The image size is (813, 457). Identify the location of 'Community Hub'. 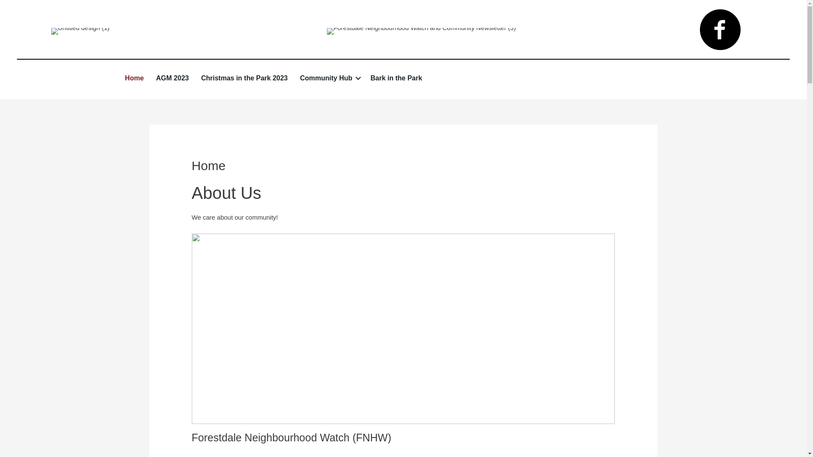
(329, 78).